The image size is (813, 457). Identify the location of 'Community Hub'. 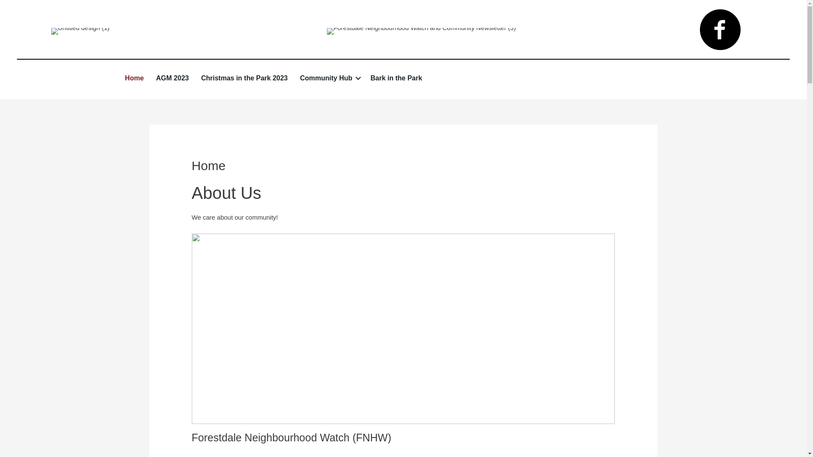
(329, 78).